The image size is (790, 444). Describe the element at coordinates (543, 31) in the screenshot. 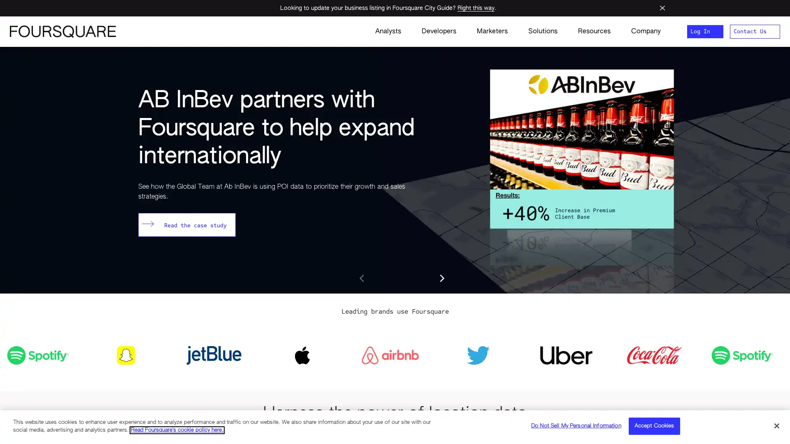

I see `Solutions` at that location.